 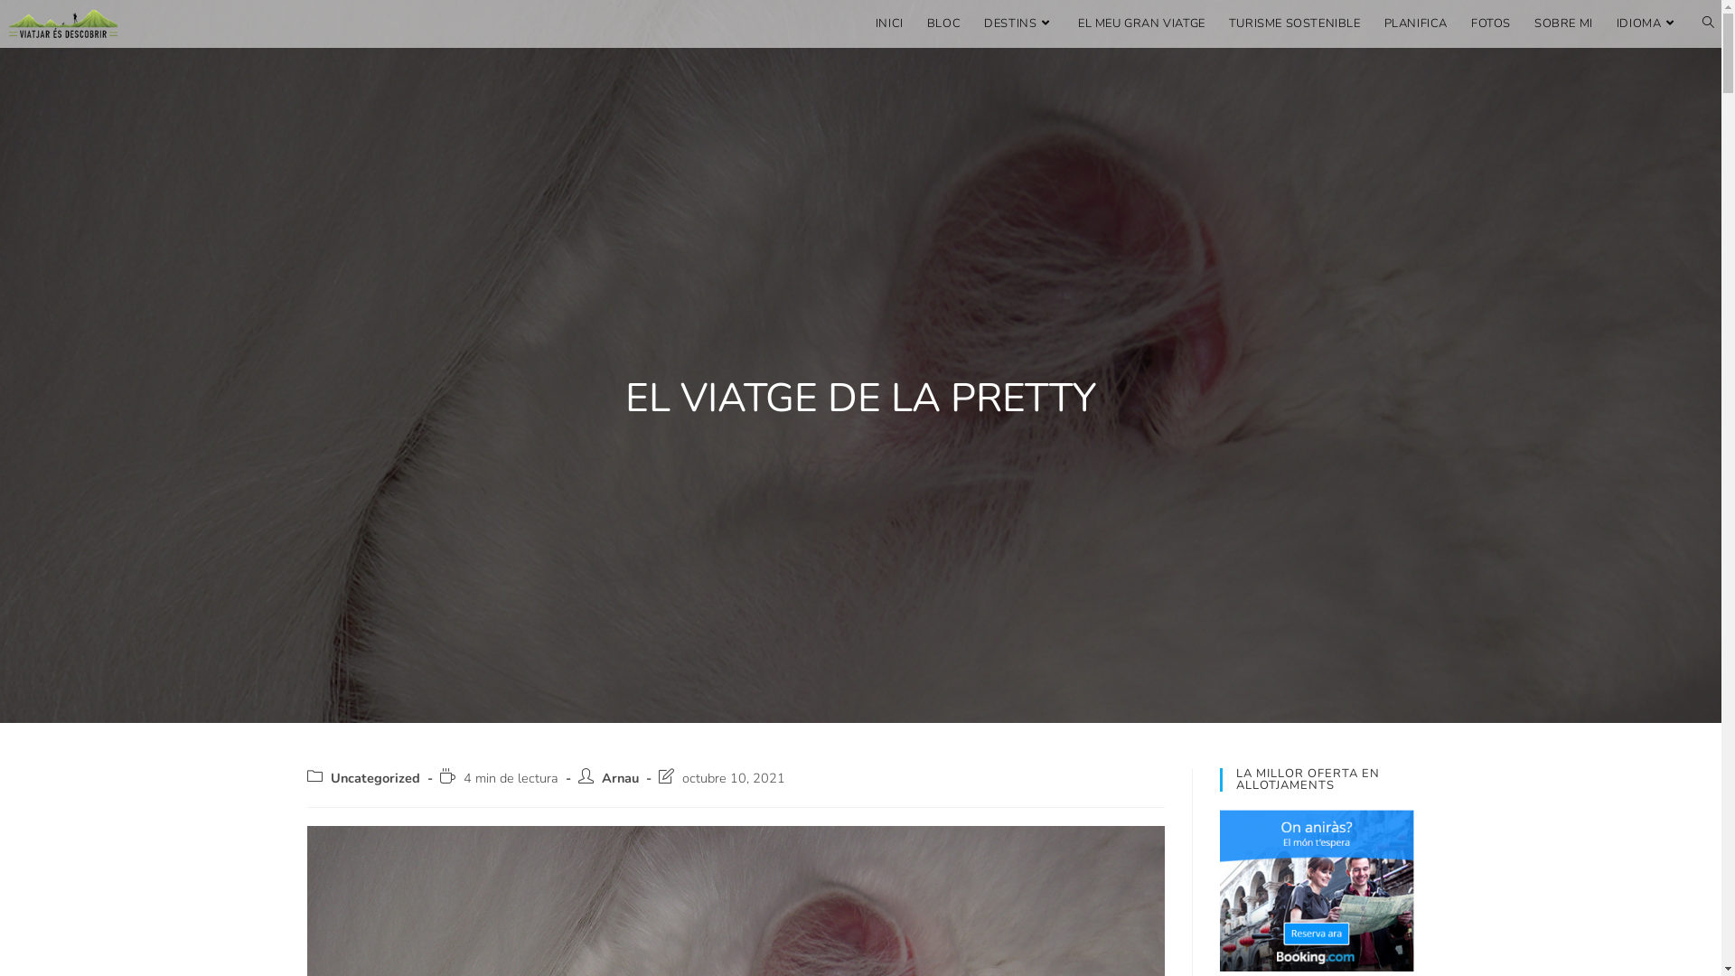 What do you see at coordinates (1414, 23) in the screenshot?
I see `'PLANIFICA'` at bounding box center [1414, 23].